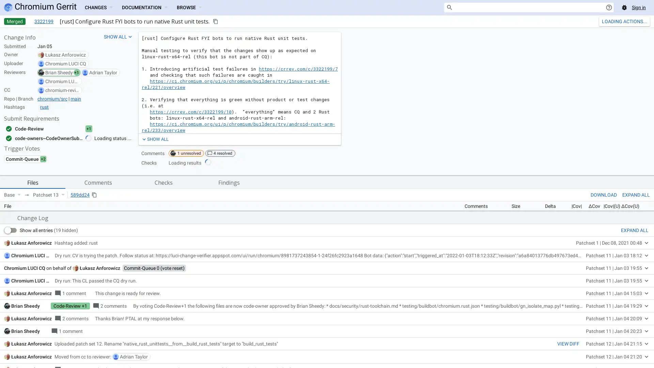 Image resolution: width=654 pixels, height=368 pixels. Describe the element at coordinates (645, 21) in the screenshot. I see `More` at that location.